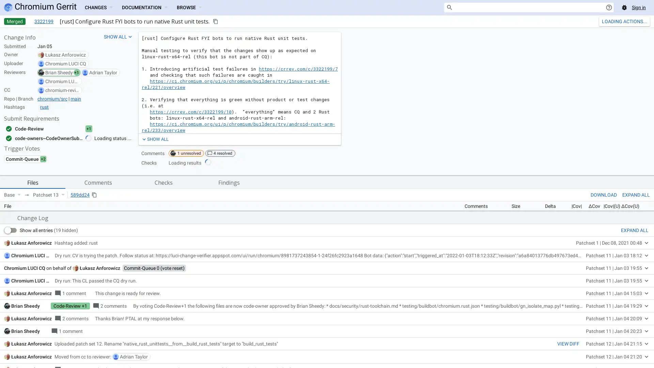 Image resolution: width=654 pixels, height=368 pixels. Describe the element at coordinates (645, 21) in the screenshot. I see `More` at that location.